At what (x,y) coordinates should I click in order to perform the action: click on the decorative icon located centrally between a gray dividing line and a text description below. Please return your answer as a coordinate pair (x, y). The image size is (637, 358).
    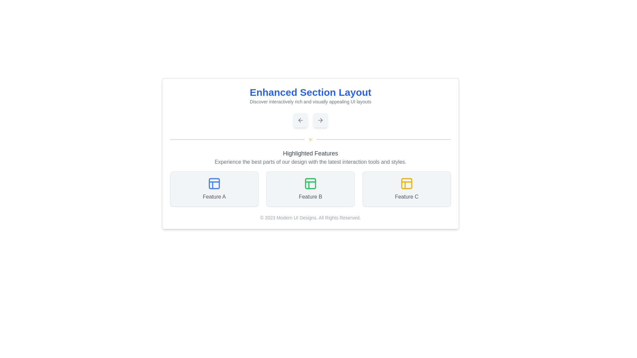
    Looking at the image, I should click on (310, 139).